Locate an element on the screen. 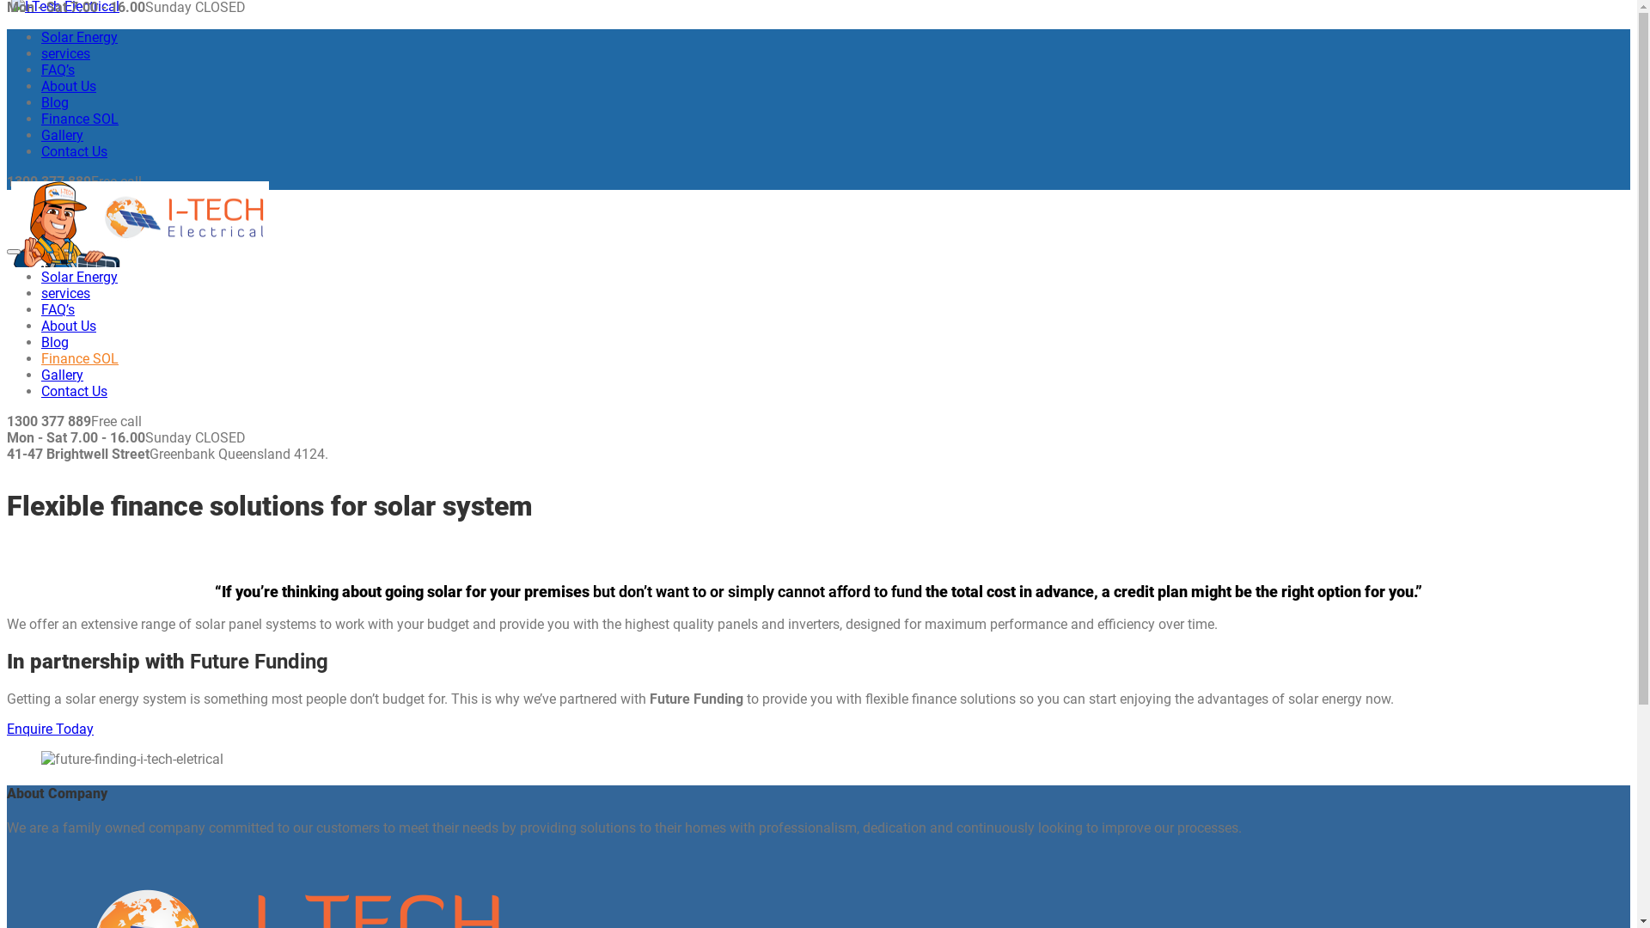 This screenshot has width=1650, height=928. 'Solar Energy' is located at coordinates (78, 276).